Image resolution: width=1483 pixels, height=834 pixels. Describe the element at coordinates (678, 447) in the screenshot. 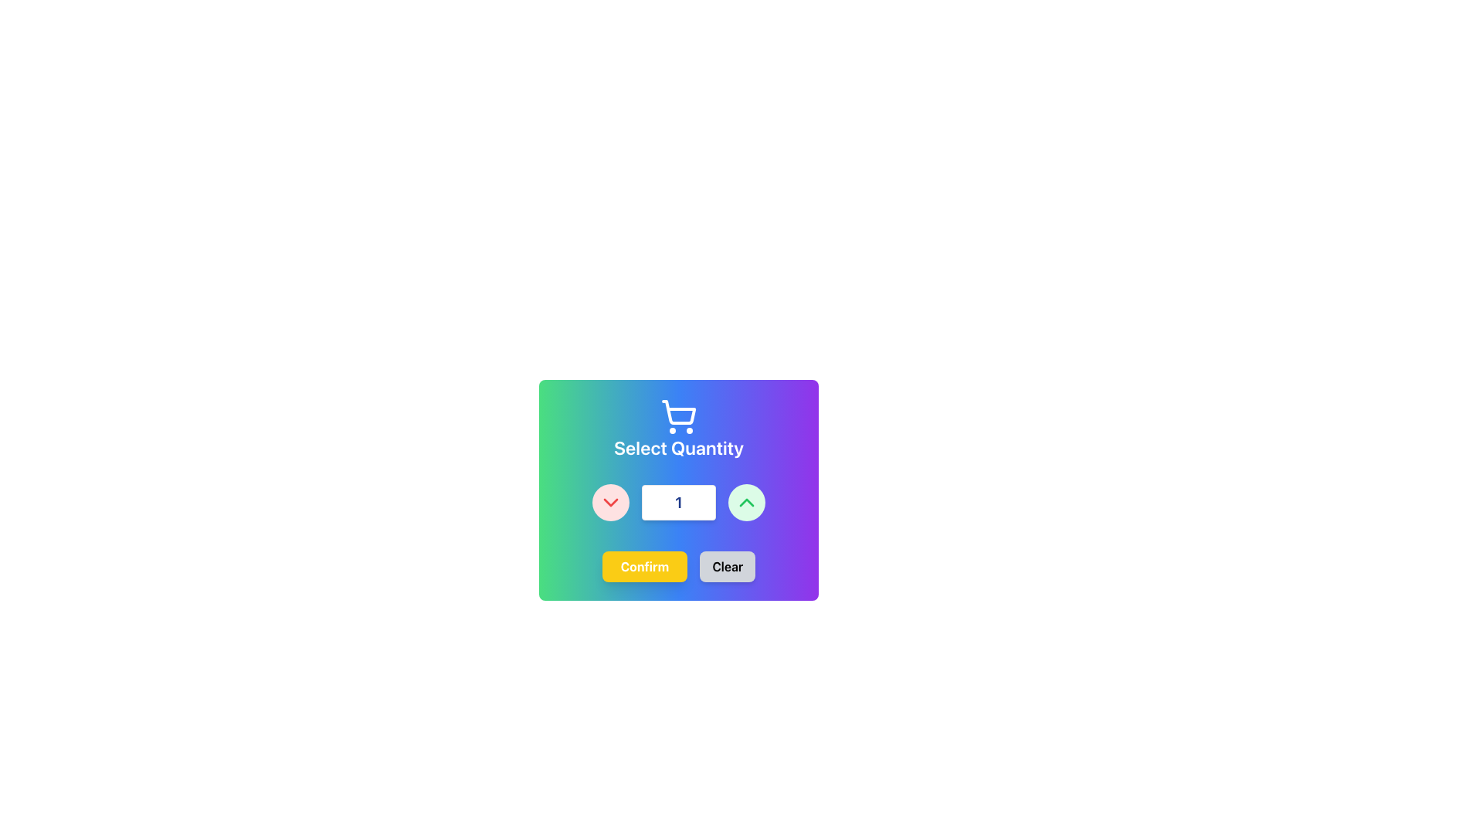

I see `text displayed in the 'Select Quantity' label, which is bold and white, located in the top-center of the dialog box` at that location.